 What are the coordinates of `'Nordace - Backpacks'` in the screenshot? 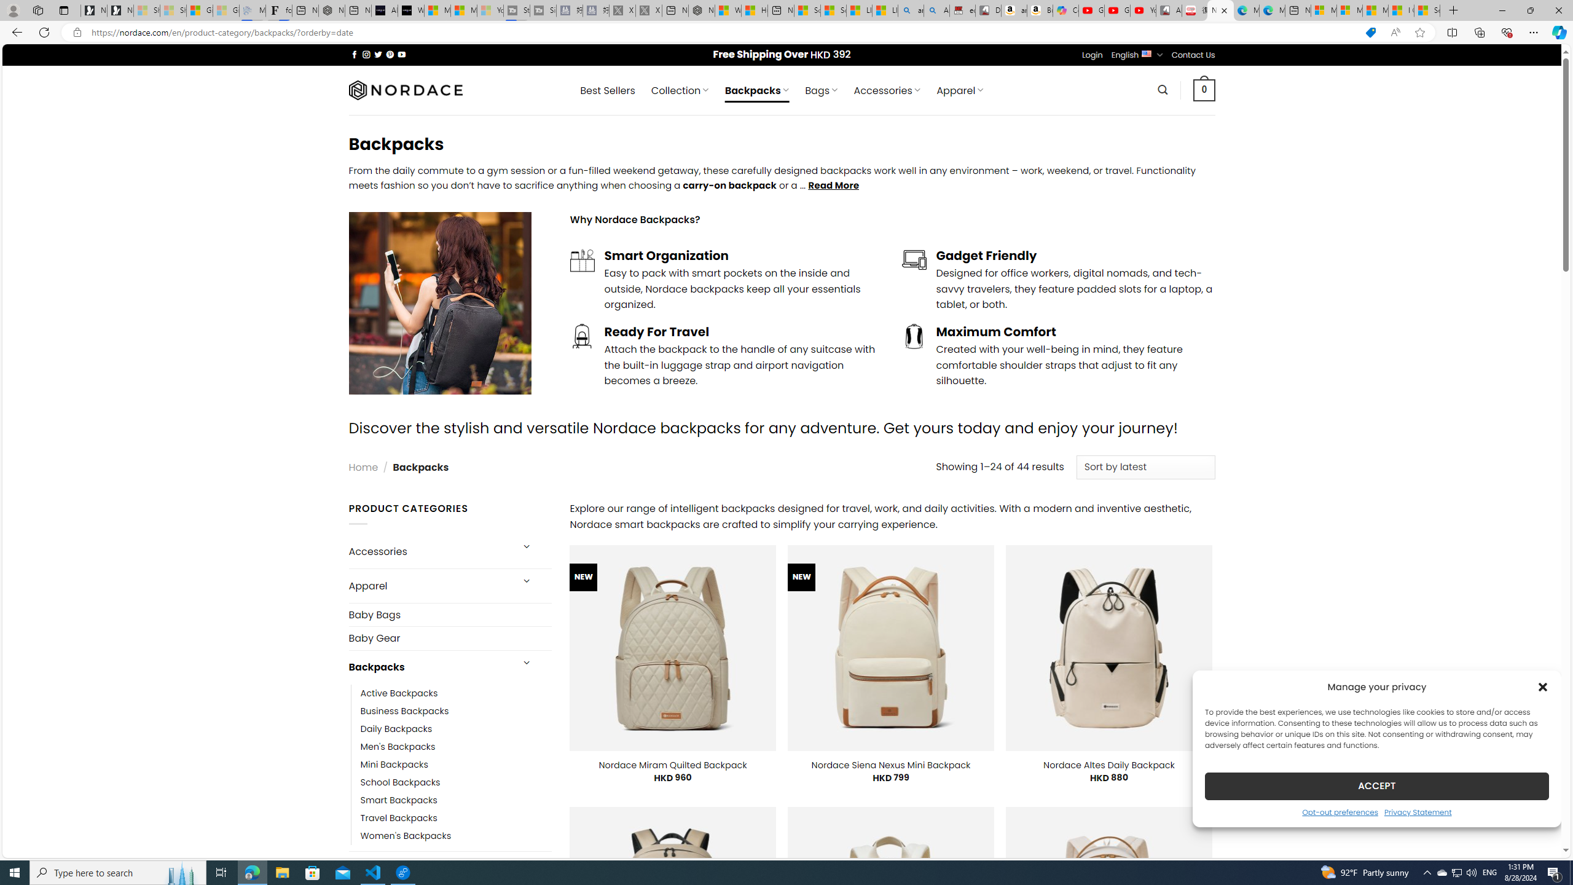 It's located at (1220, 10).